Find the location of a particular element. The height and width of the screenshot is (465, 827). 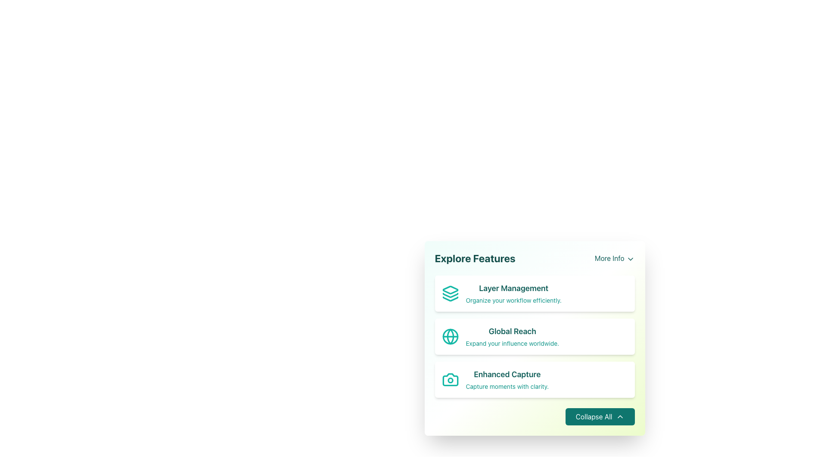

text component featuring the heading 'Enhanced Capture' and the subheading 'Capture moments with clarity.' located within the card layout, positioned between the 'Global Reach' card and the 'Collapse All' button is located at coordinates (507, 379).